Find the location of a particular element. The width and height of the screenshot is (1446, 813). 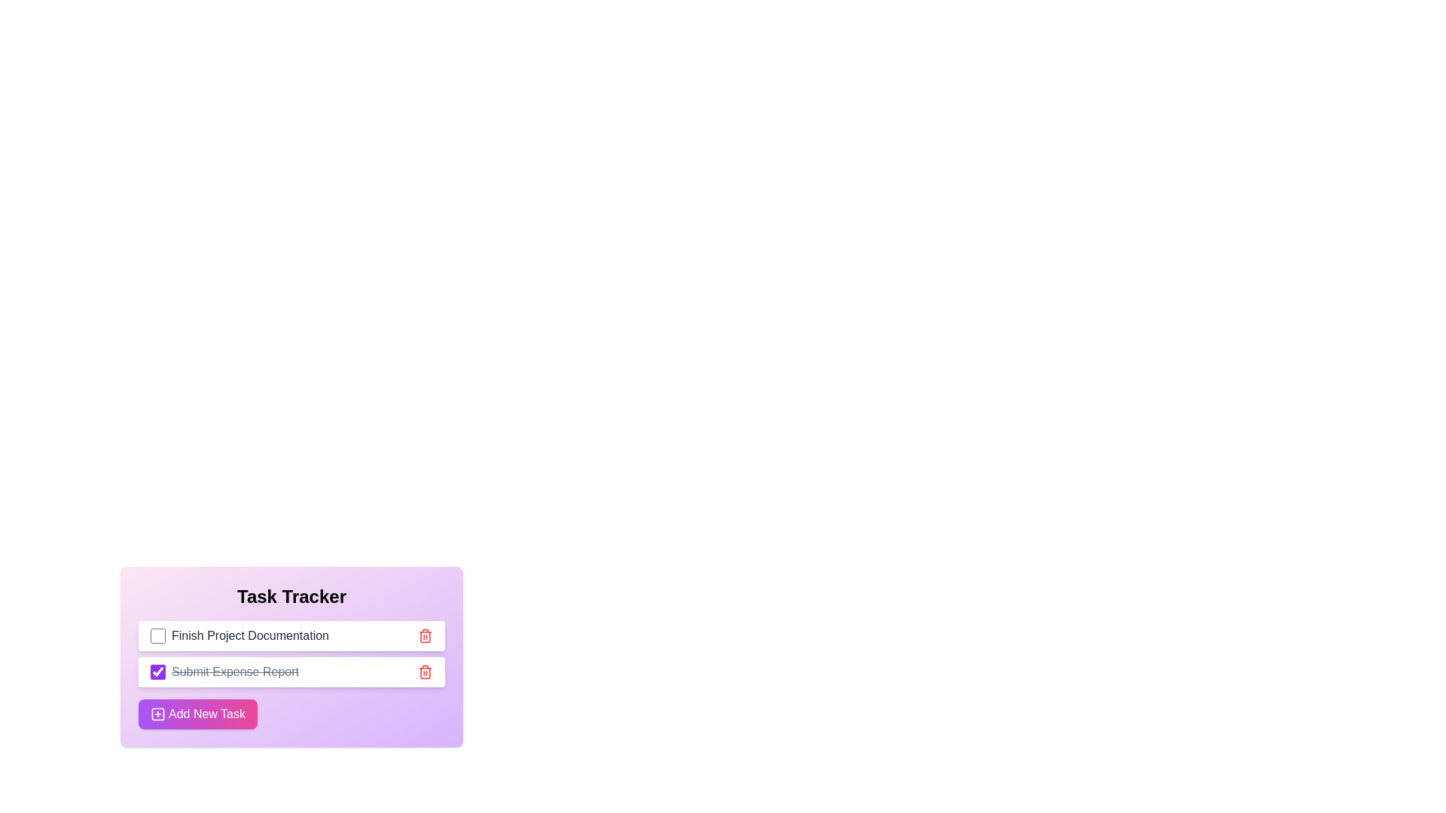

the text label that indicates the title or description of the first task in the task tracker application, which is located to the right of a checkbox and to the left of a trash icon is located at coordinates (250, 635).